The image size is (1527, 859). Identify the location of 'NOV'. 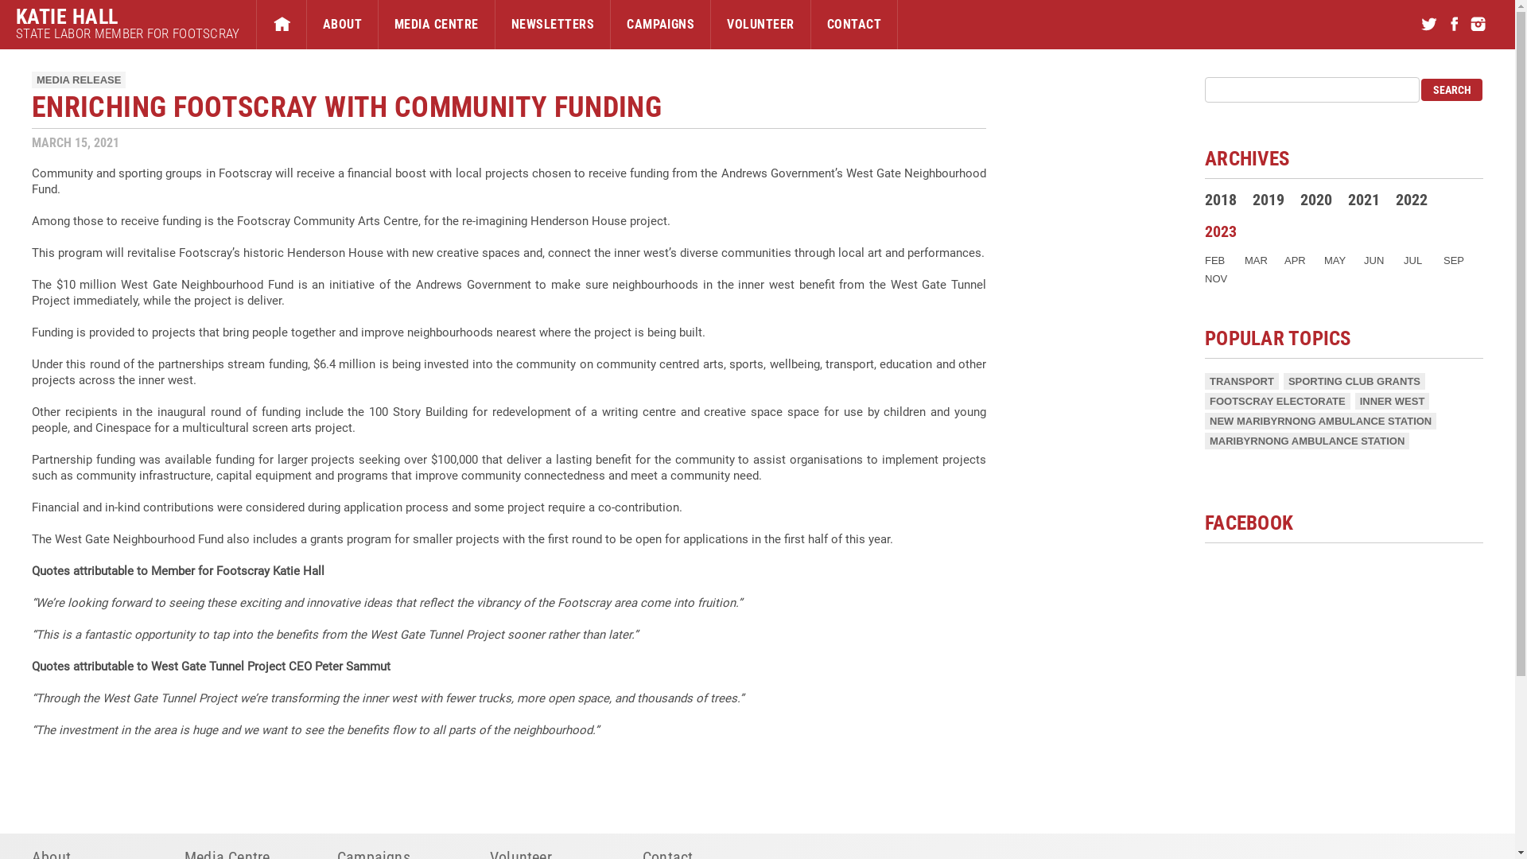
(1215, 278).